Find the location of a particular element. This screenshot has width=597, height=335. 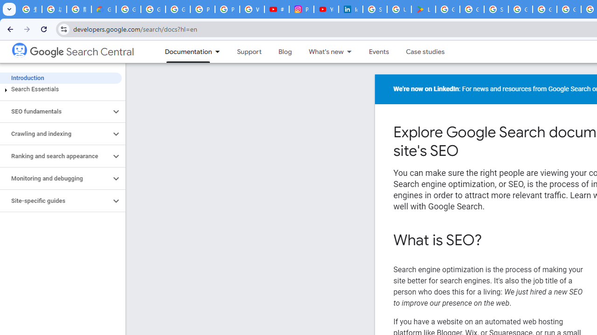

'Site-specific guides' is located at coordinates (55, 201).